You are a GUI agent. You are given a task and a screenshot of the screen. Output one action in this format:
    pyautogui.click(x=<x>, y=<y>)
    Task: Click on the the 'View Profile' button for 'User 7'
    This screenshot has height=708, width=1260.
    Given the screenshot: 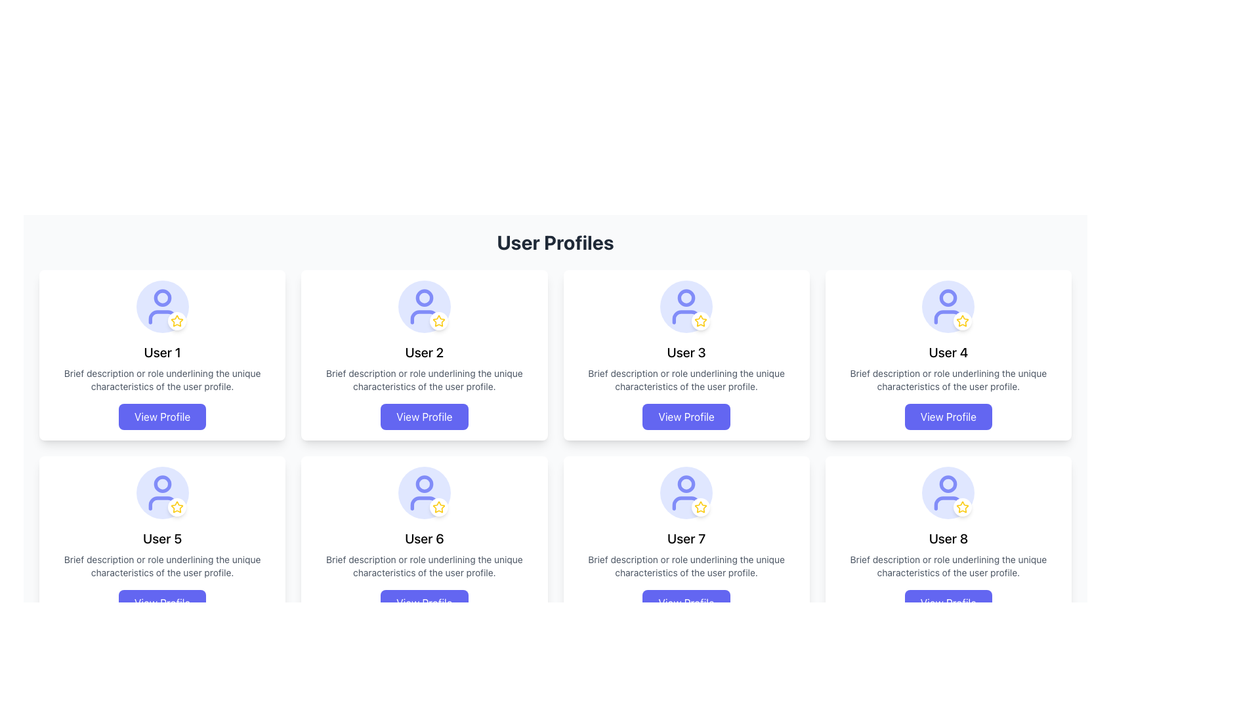 What is the action you would take?
    pyautogui.click(x=686, y=603)
    